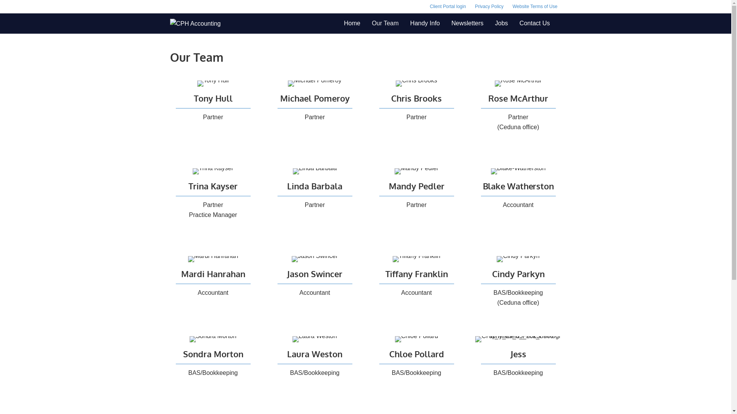 Image resolution: width=737 pixels, height=414 pixels. I want to click on 'Contact Us', so click(514, 23).